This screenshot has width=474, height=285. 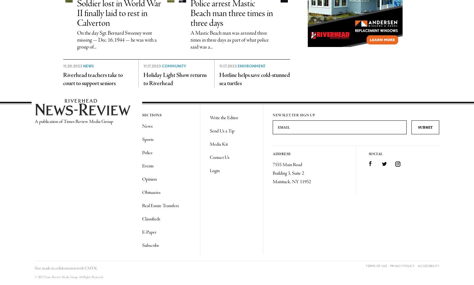 I want to click on 'Classifieds', so click(x=151, y=218).